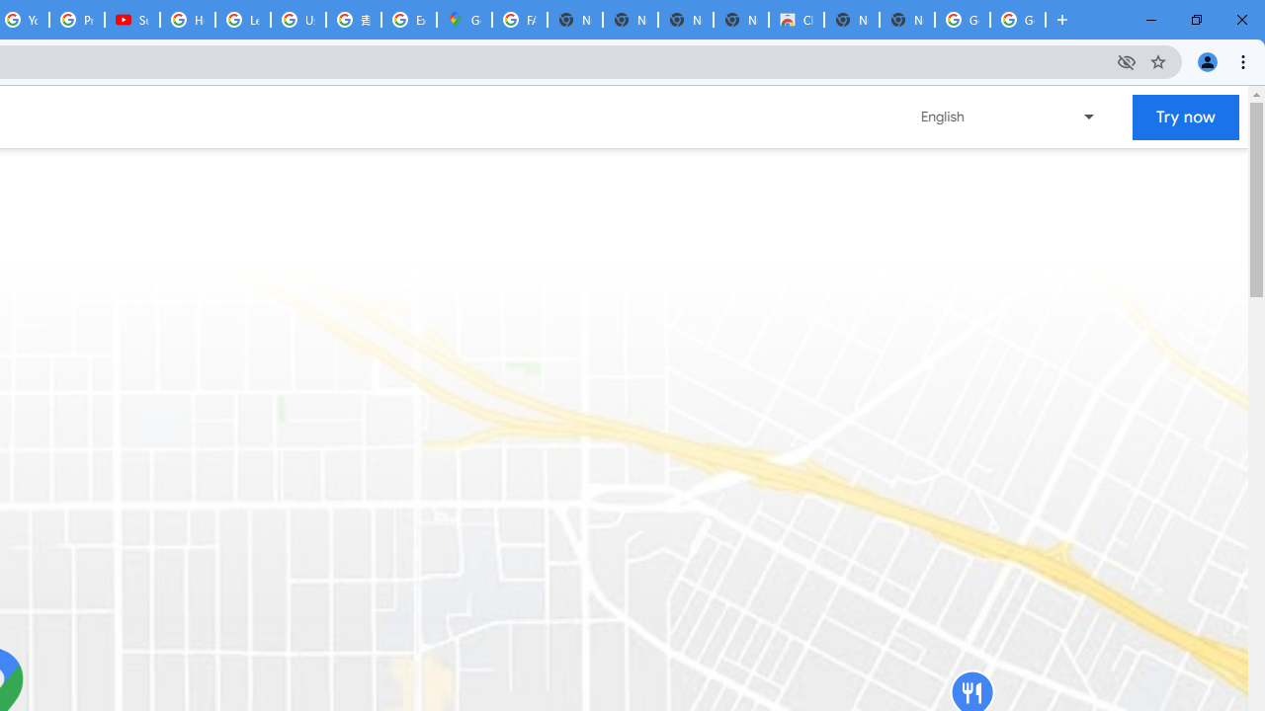  Describe the element at coordinates (1240, 20) in the screenshot. I see `'Close'` at that location.